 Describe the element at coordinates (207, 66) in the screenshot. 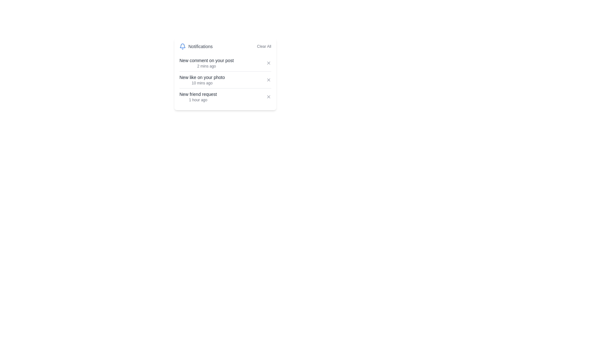

I see `the timestamp label that reads '2 mins ago', which is styled in gray and located beneath the main content 'New comment on your post' within the notification card` at that location.